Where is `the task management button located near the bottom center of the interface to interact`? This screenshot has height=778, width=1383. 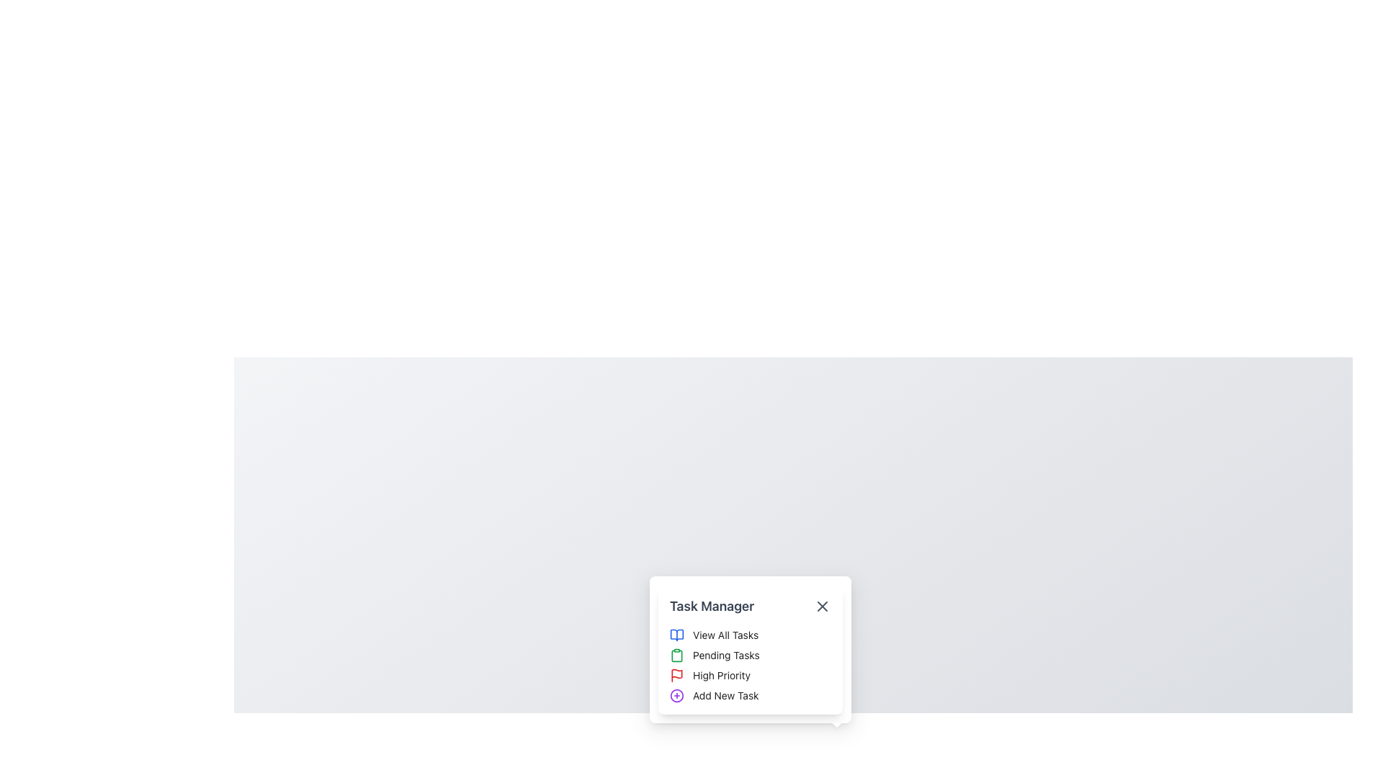 the task management button located near the bottom center of the interface to interact is located at coordinates (792, 746).